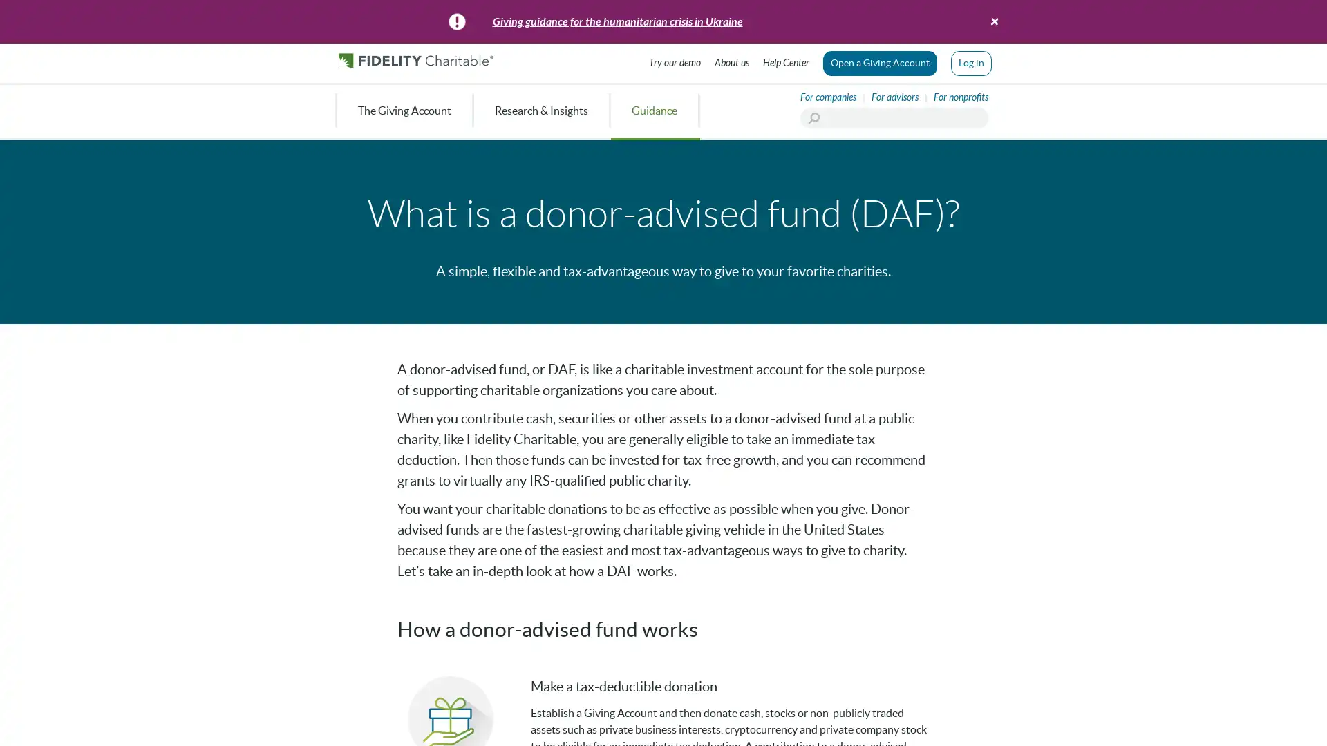 The image size is (1327, 746). I want to click on Ask Us, so click(1293, 710).